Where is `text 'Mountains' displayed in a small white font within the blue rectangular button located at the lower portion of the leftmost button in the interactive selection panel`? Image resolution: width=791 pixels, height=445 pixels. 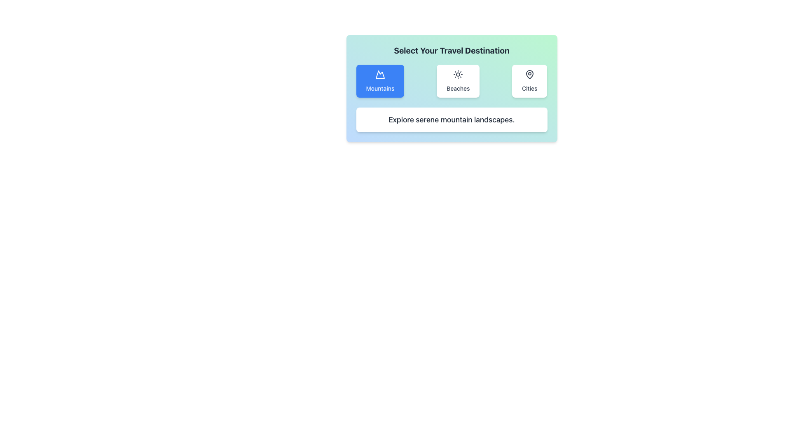 text 'Mountains' displayed in a small white font within the blue rectangular button located at the lower portion of the leftmost button in the interactive selection panel is located at coordinates (379, 89).